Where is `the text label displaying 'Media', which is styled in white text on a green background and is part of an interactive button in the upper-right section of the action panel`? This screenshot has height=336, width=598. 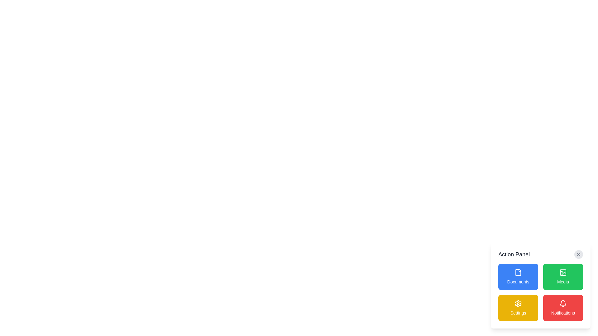
the text label displaying 'Media', which is styled in white text on a green background and is part of an interactive button in the upper-right section of the action panel is located at coordinates (563, 282).